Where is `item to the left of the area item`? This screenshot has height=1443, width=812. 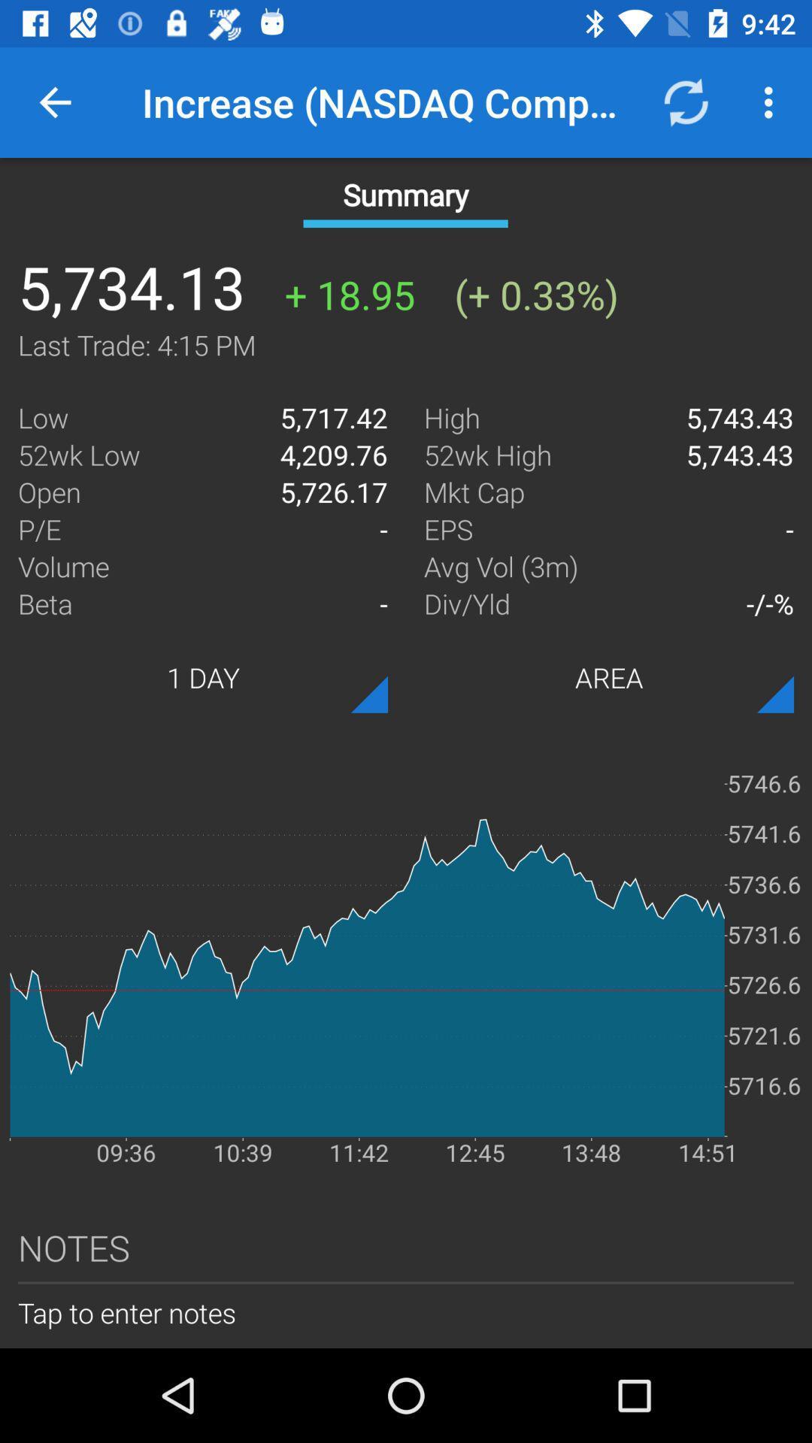 item to the left of the area item is located at coordinates (203, 676).